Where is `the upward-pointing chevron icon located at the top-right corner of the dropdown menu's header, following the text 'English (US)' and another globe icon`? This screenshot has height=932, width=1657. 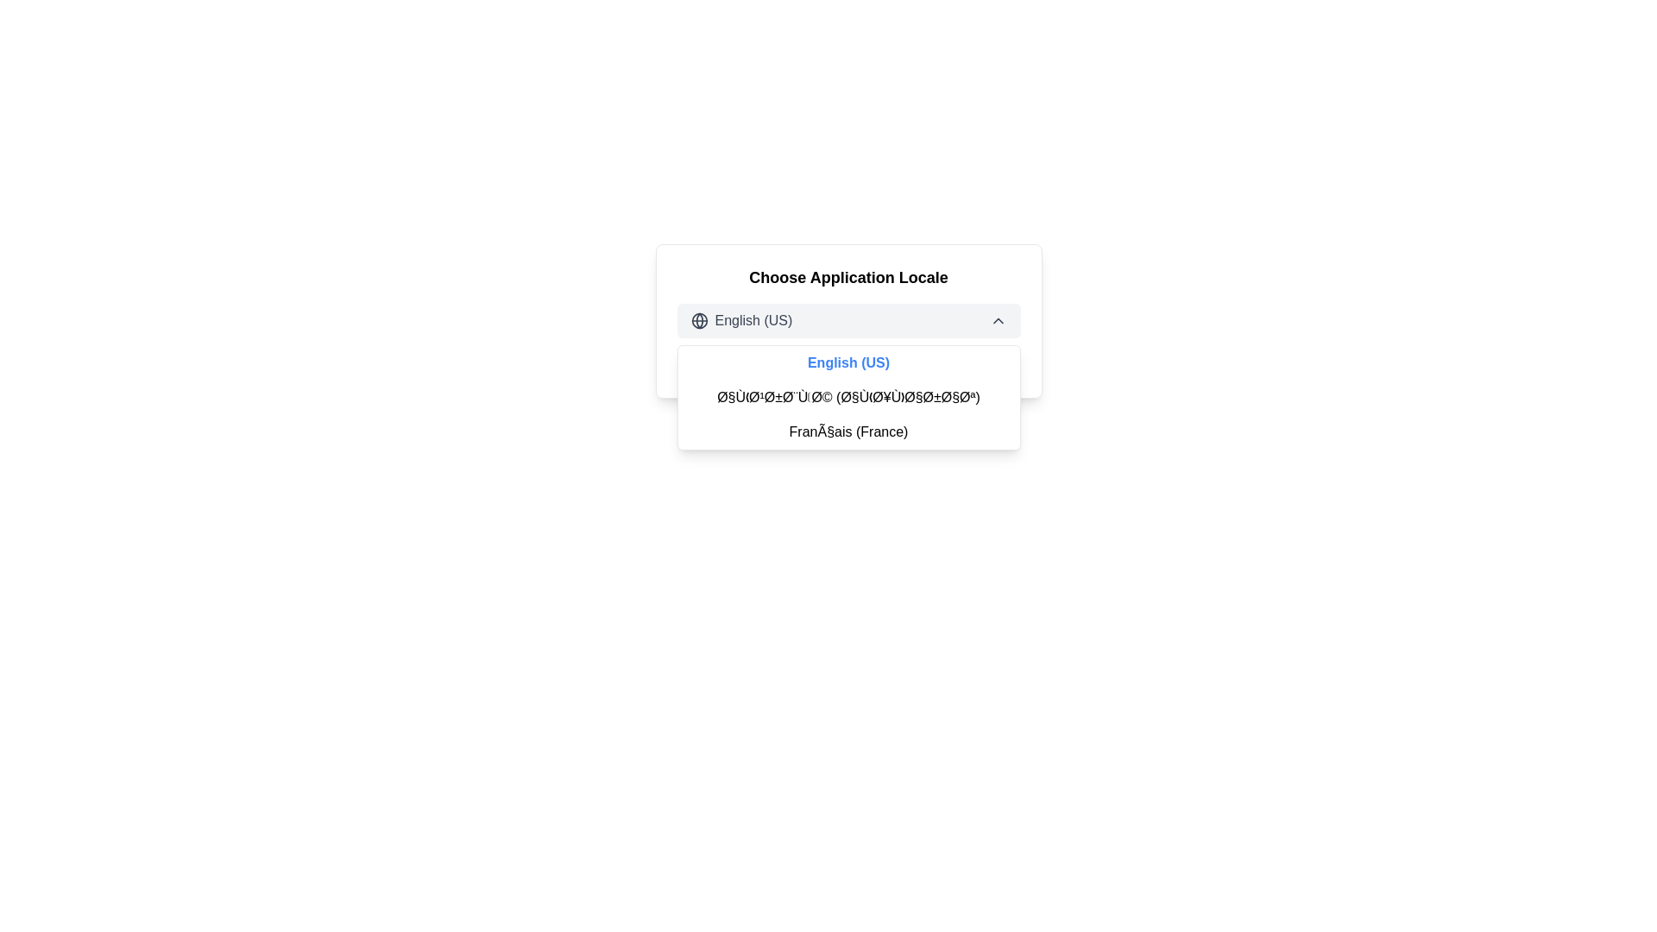
the upward-pointing chevron icon located at the top-right corner of the dropdown menu's header, following the text 'English (US)' and another globe icon is located at coordinates (998, 320).